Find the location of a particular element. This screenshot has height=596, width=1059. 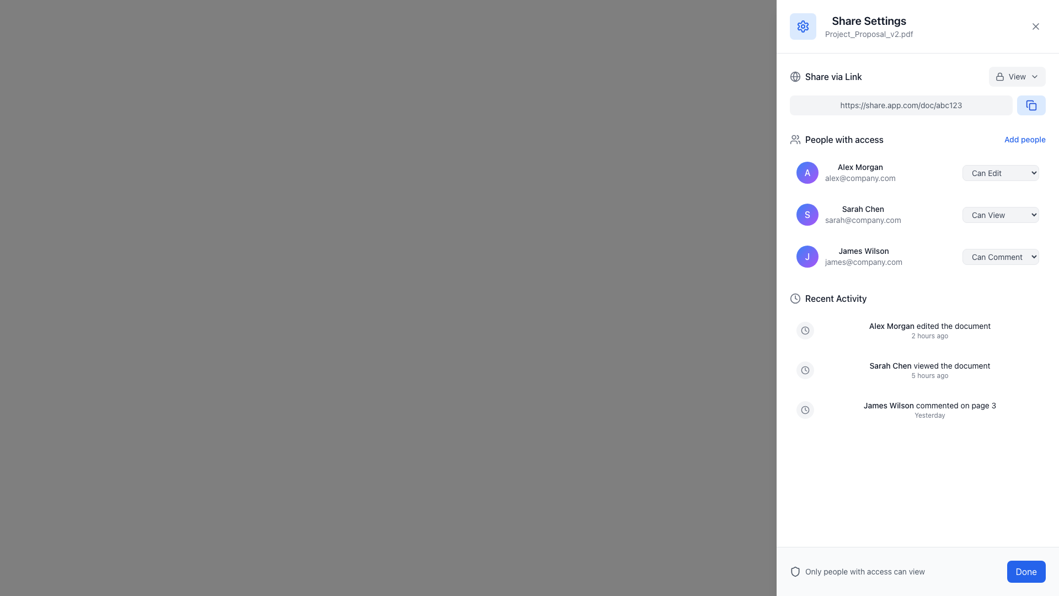

the rectangular button with rounded corners, blue background, and white text that reads 'Done' to finalize the action is located at coordinates (1025, 571).